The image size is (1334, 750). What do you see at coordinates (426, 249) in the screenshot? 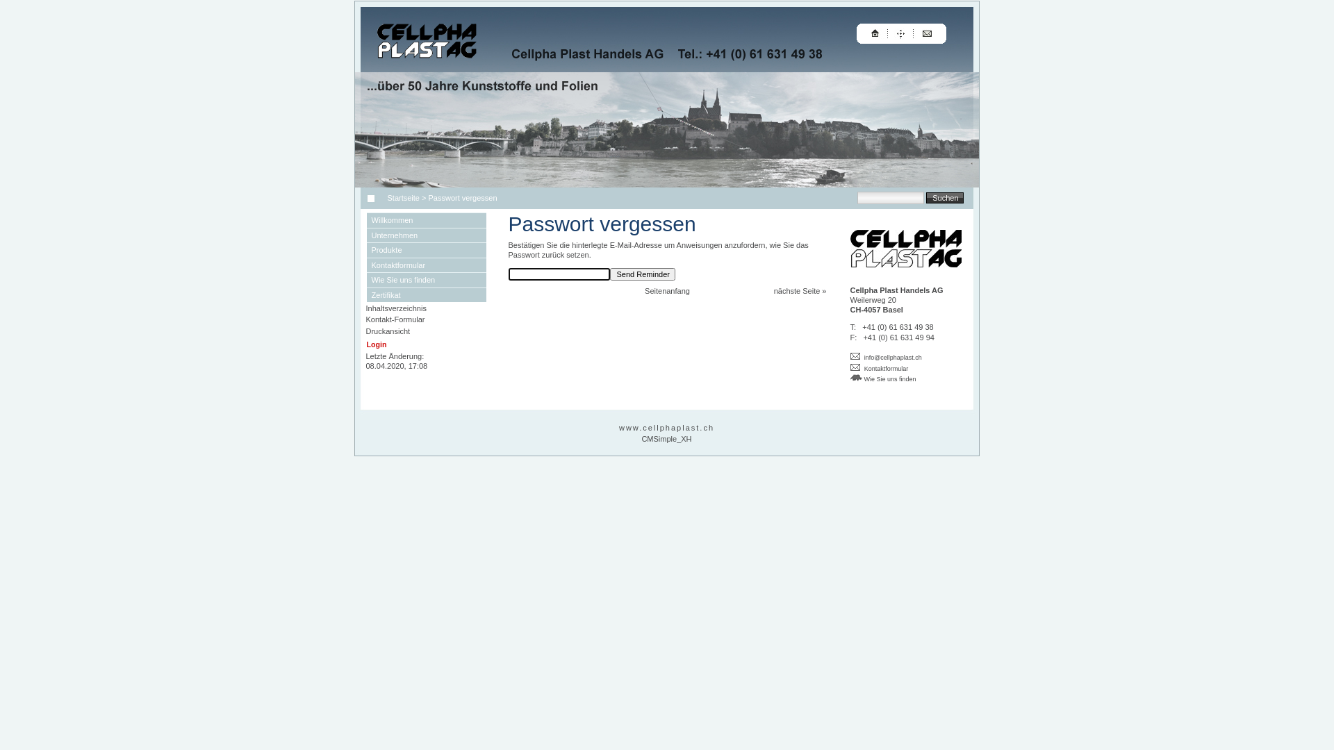
I see `'Produkte'` at bounding box center [426, 249].